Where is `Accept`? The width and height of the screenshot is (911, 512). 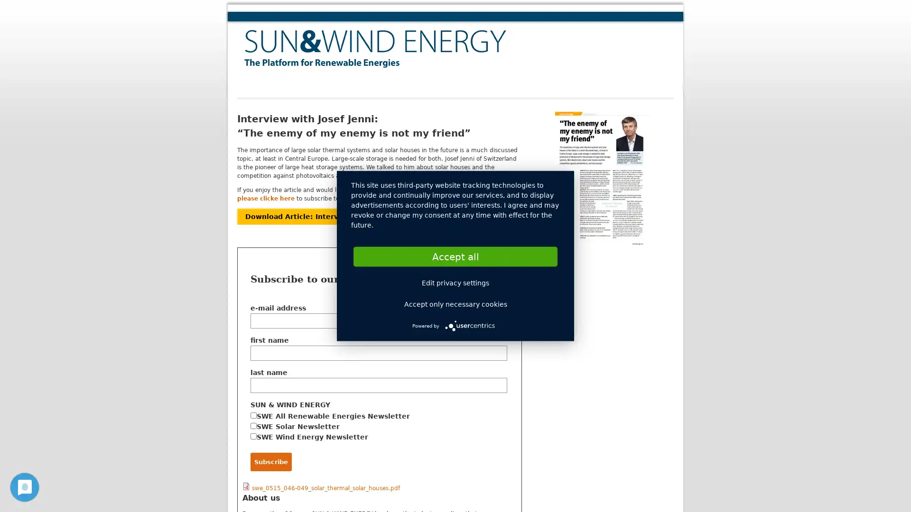
Accept is located at coordinates (455, 256).